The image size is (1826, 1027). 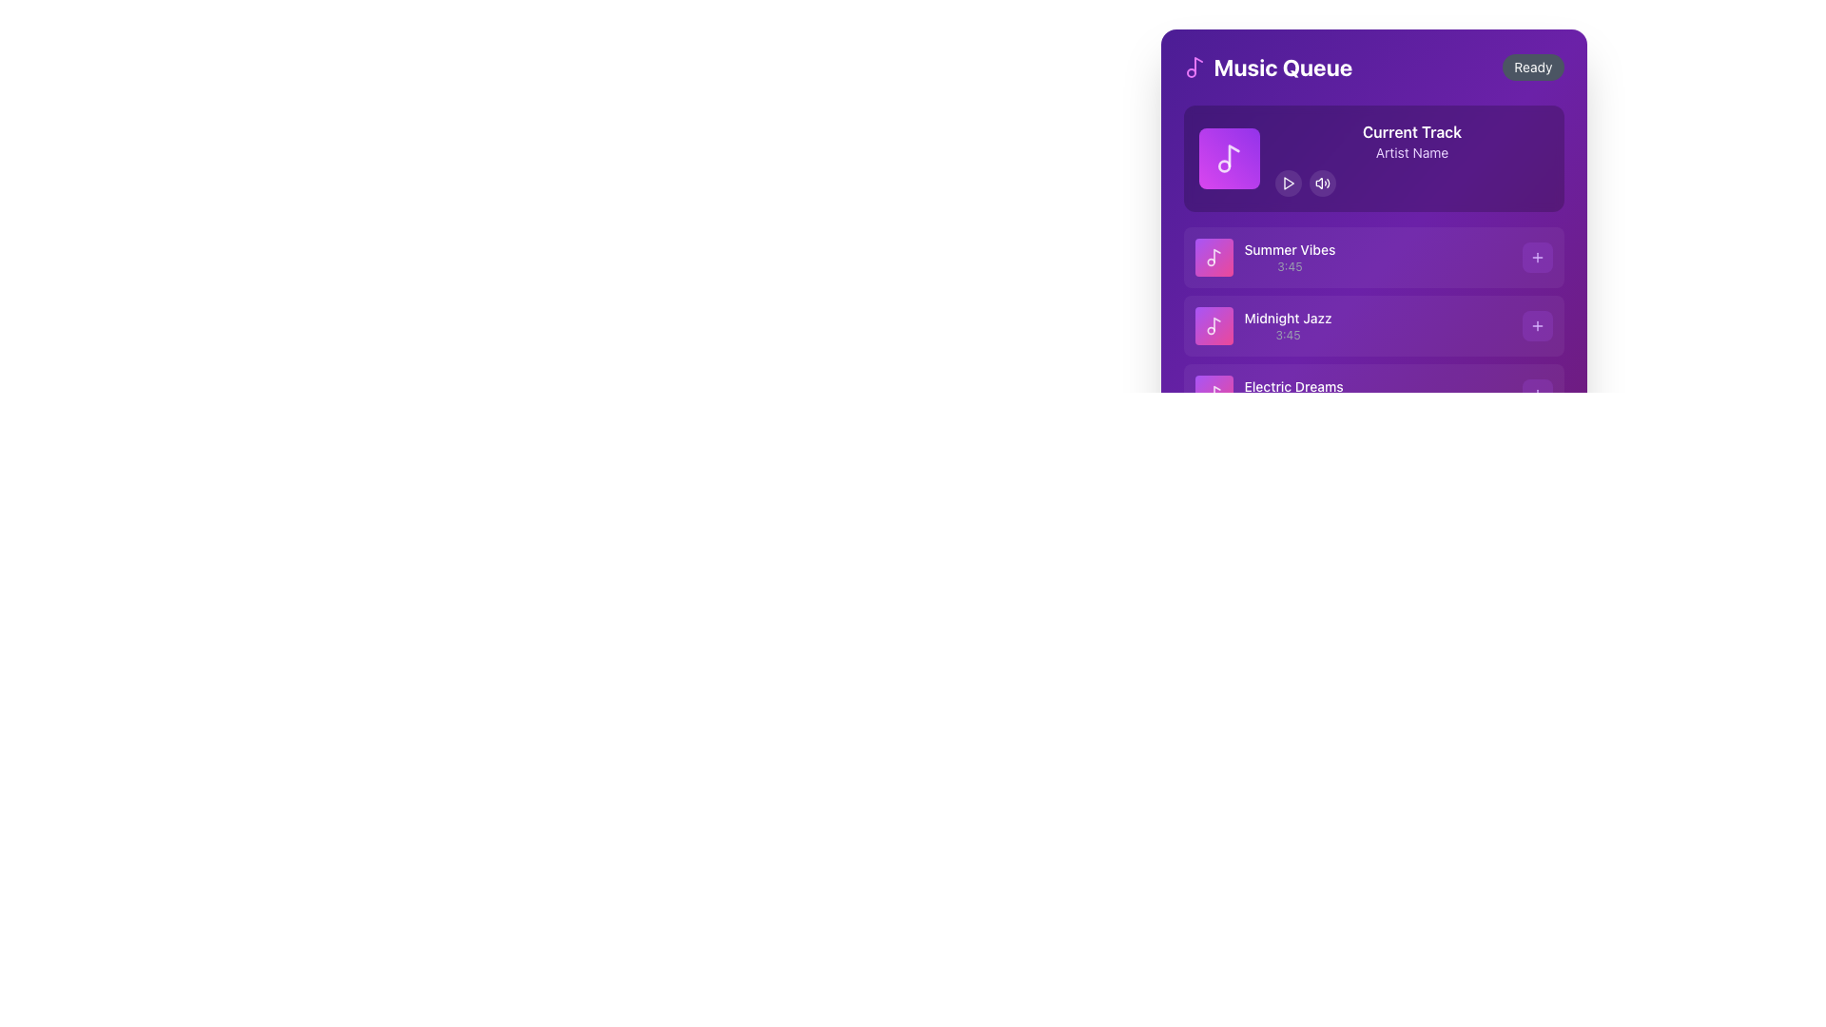 I want to click on the Text Label that identifies the currently viewed music track in the 'Music Queue', located at the bottom-most slot and aligned above the duration text, so click(x=1293, y=386).